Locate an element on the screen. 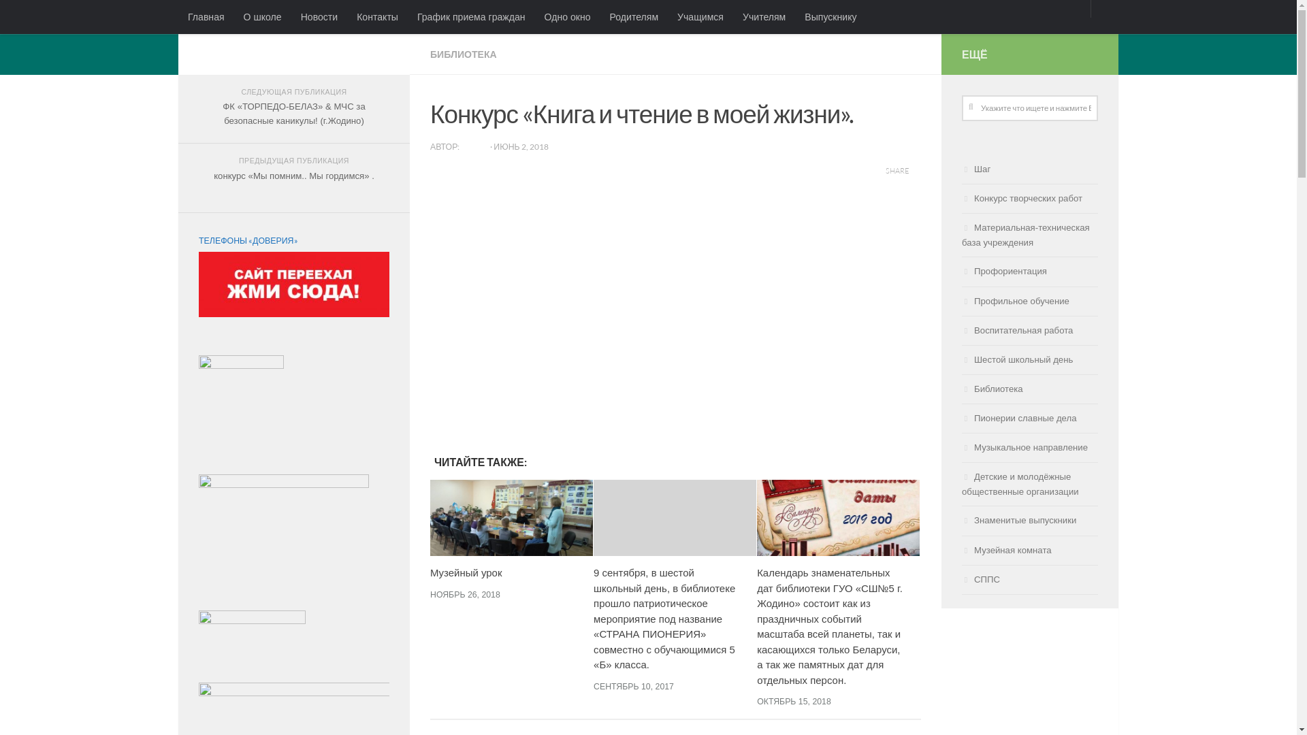 The width and height of the screenshot is (1307, 735). 'ADMIN' is located at coordinates (474, 146).